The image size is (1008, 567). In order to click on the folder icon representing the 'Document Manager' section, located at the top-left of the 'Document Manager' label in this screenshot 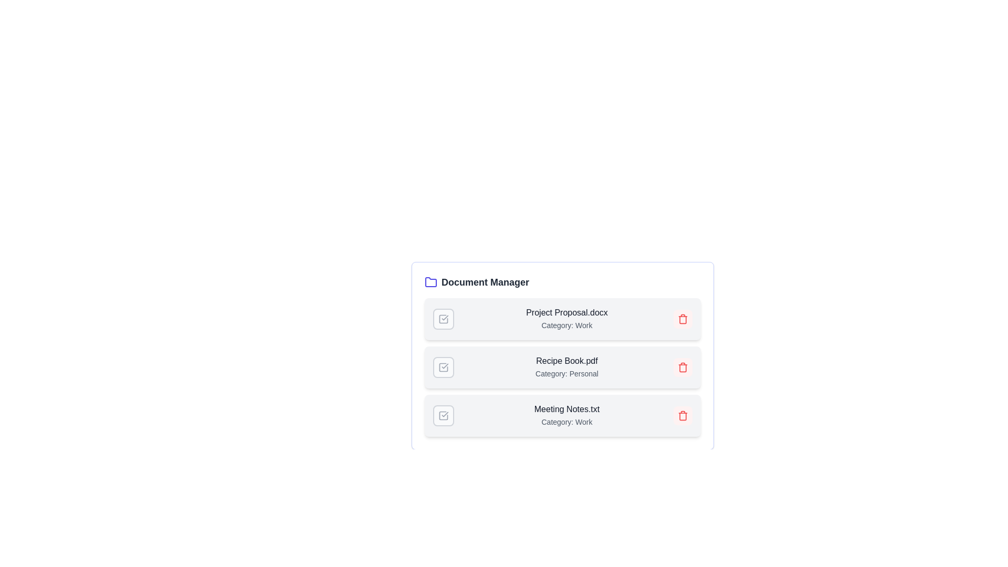, I will do `click(430, 281)`.